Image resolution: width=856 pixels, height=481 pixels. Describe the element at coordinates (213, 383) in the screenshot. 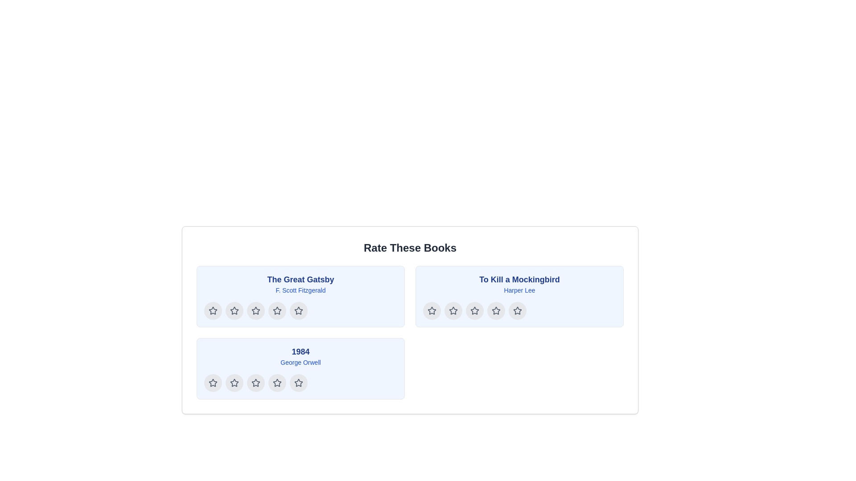

I see `the first star icon in the second book rating row for '1984' by George Orwell, which is styled with an outline and set against a light gray circular background` at that location.